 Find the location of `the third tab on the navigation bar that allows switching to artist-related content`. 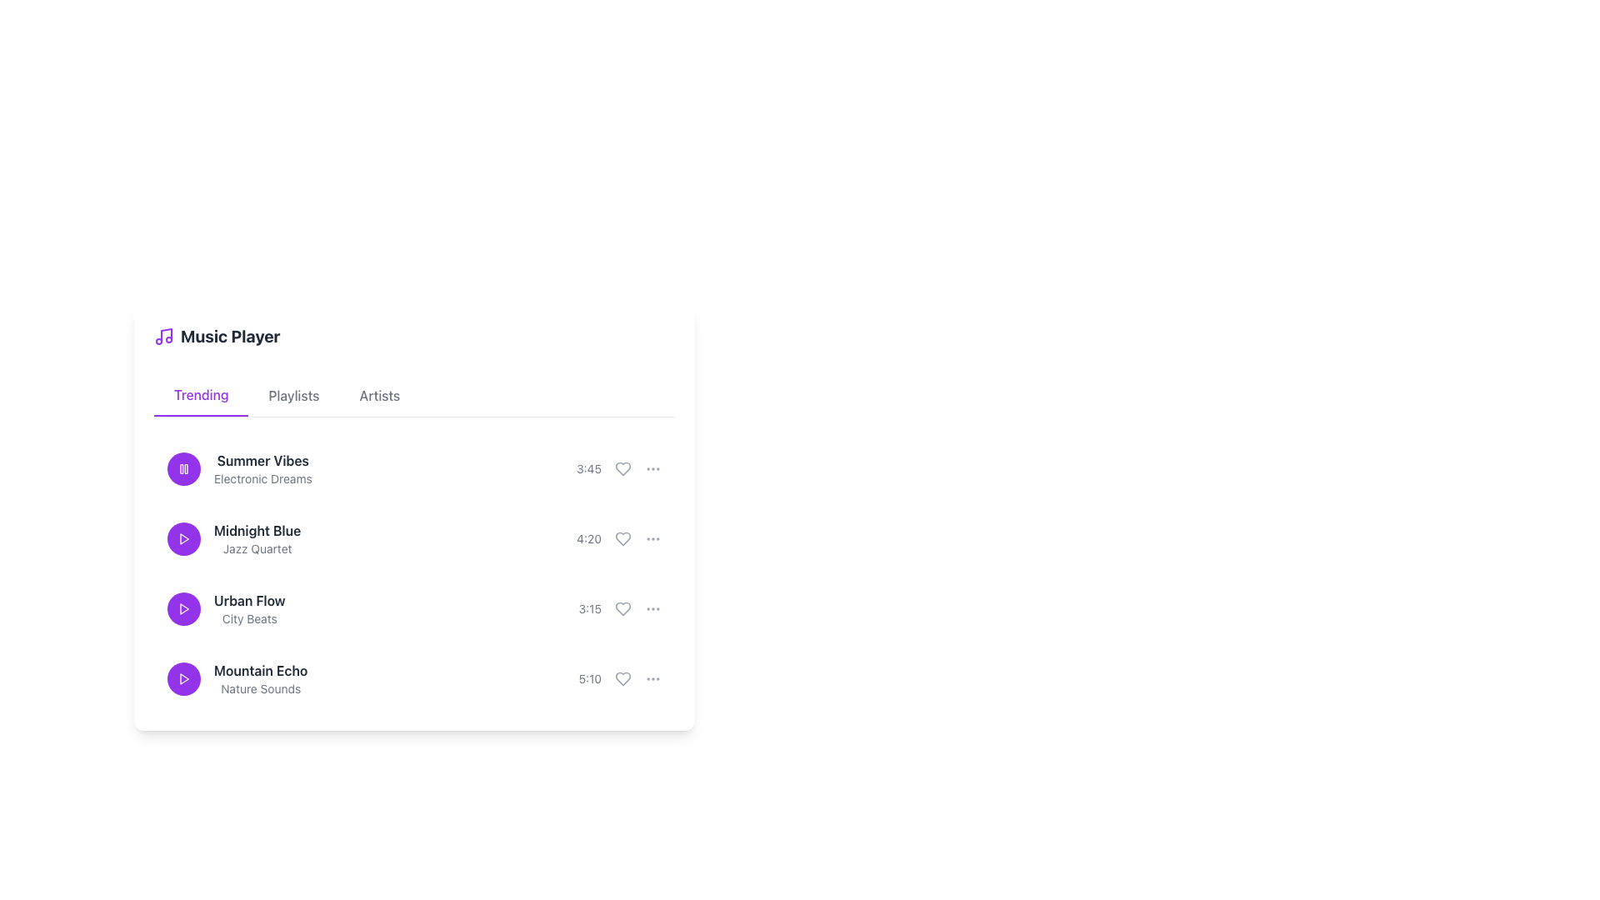

the third tab on the navigation bar that allows switching to artist-related content is located at coordinates (379, 395).